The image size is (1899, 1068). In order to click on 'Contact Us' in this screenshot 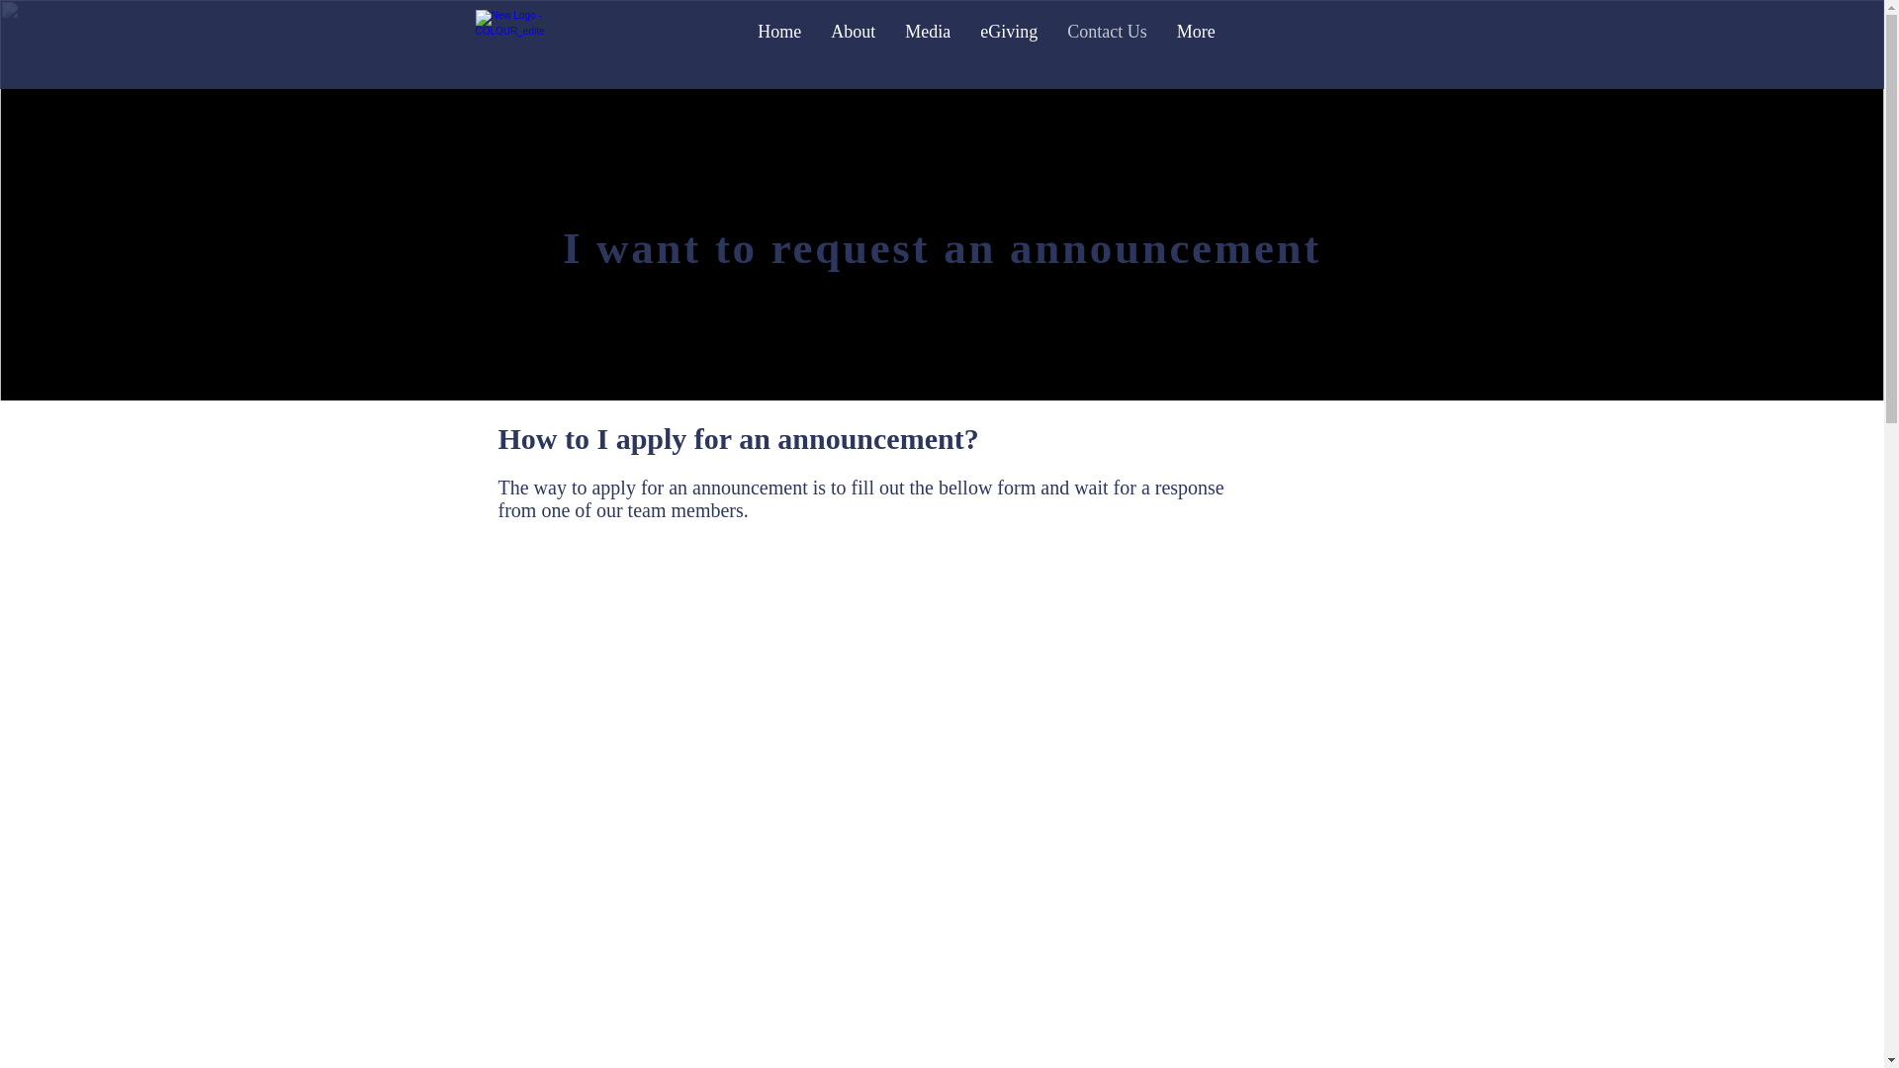, I will do `click(1051, 44)`.